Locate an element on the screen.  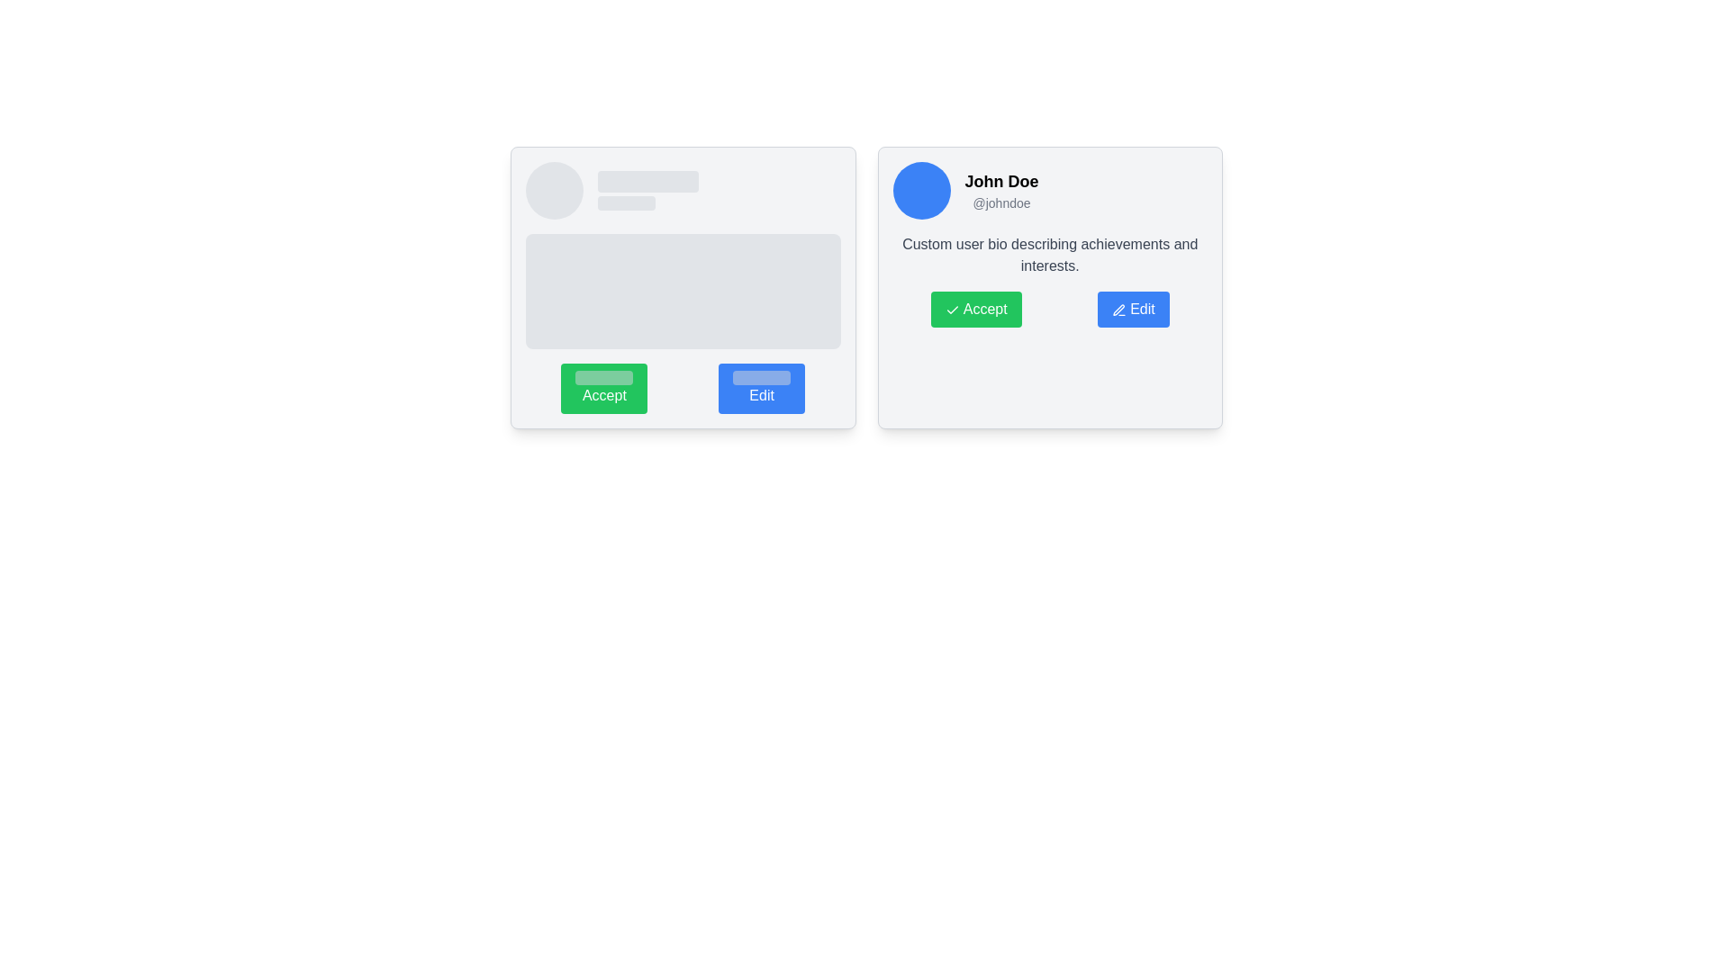
the 'Edit' button, which has a blue background and white text, positioned to the right of the 'Accept' button in a horizontal arrangement is located at coordinates (762, 388).